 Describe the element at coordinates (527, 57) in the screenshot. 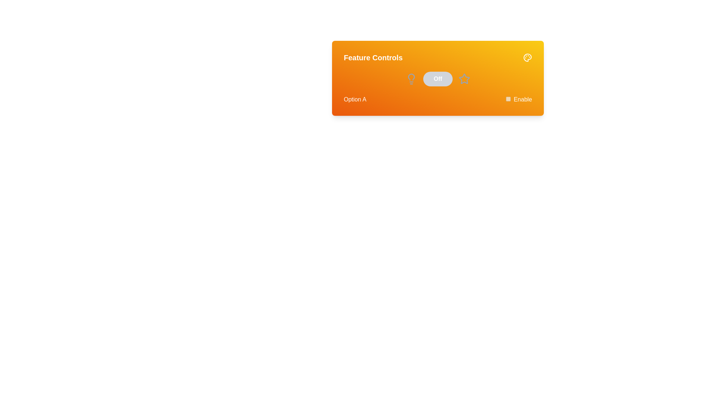

I see `the decorative palette icon located at the top-right corner of the 'Feature Controls' card` at that location.